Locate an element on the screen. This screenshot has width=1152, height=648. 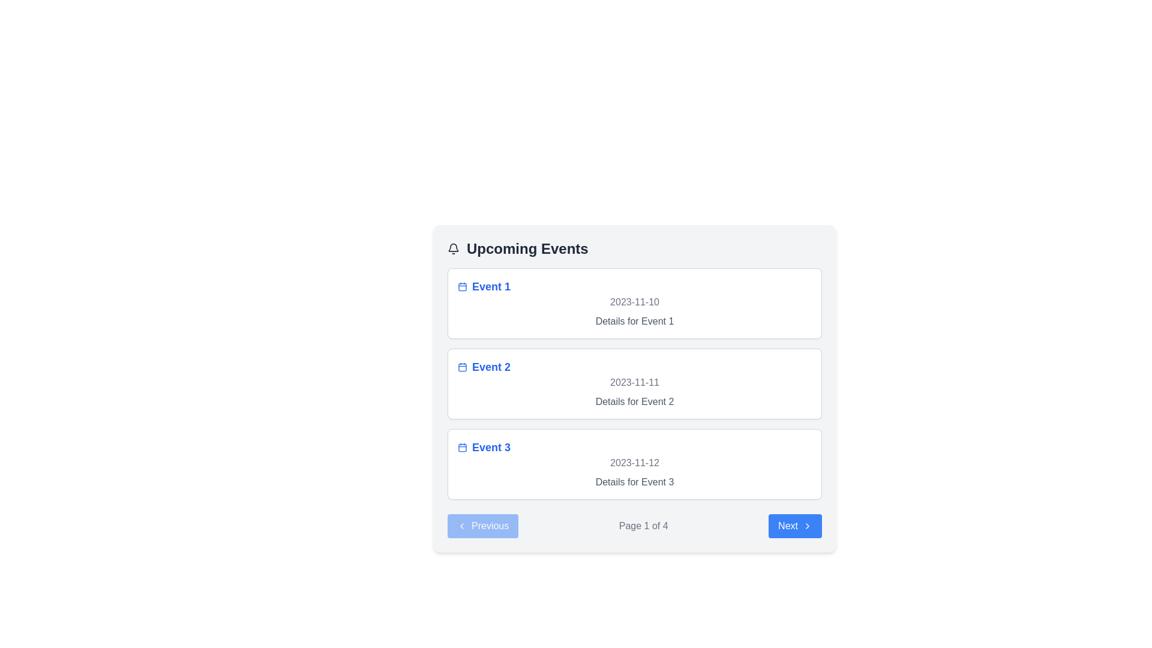
the calendar icon located next to the 'Event 2' title in the second row of the list by moving the cursor to its center point is located at coordinates (462, 367).